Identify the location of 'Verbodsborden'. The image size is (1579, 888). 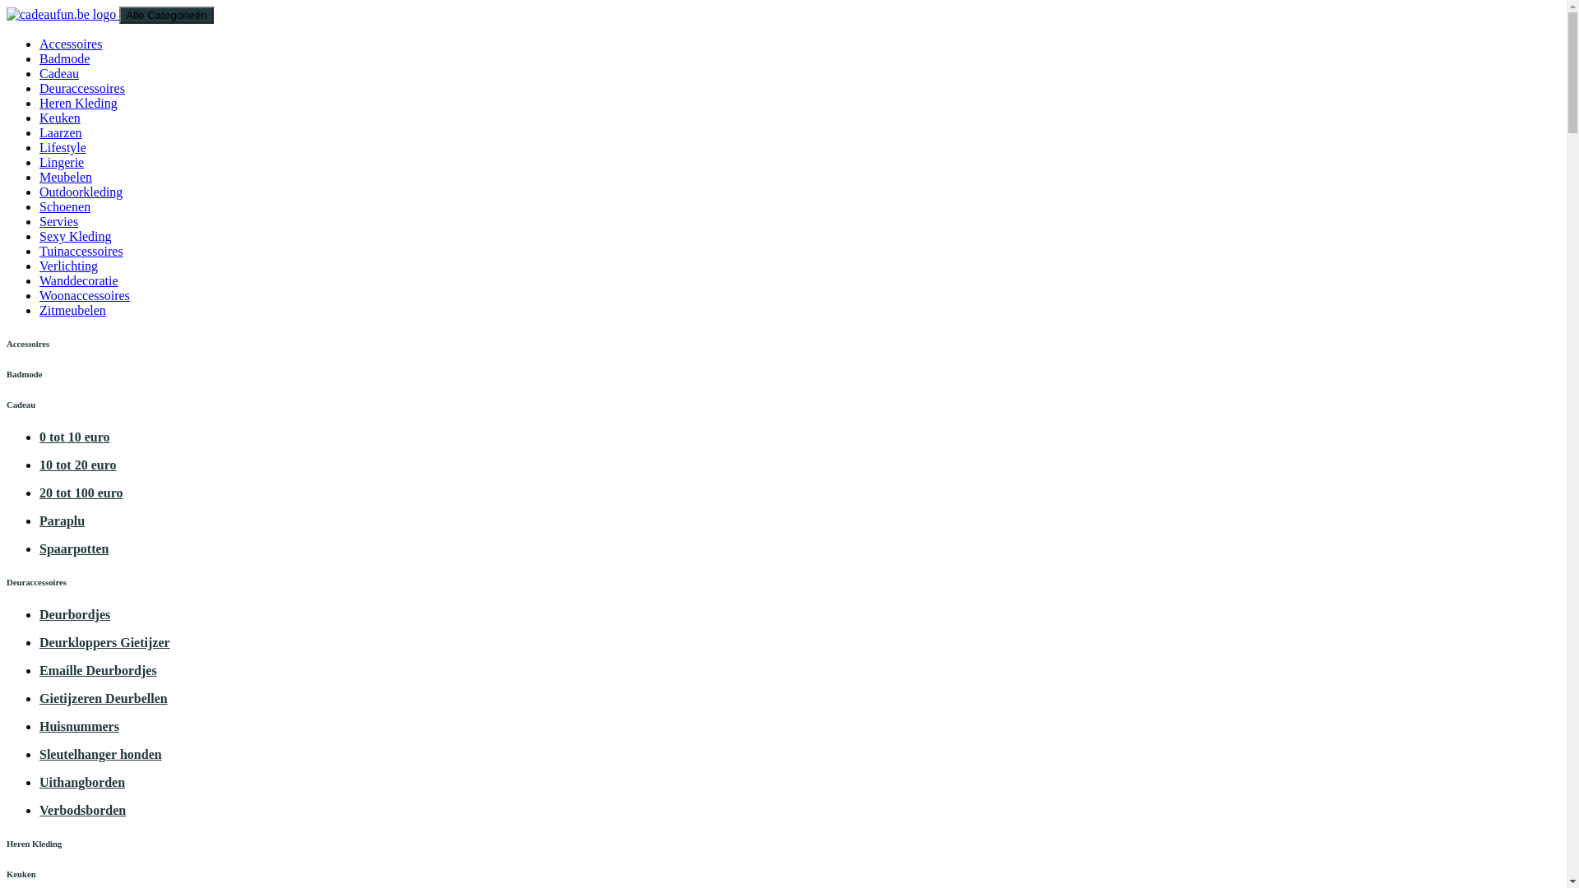
(81, 809).